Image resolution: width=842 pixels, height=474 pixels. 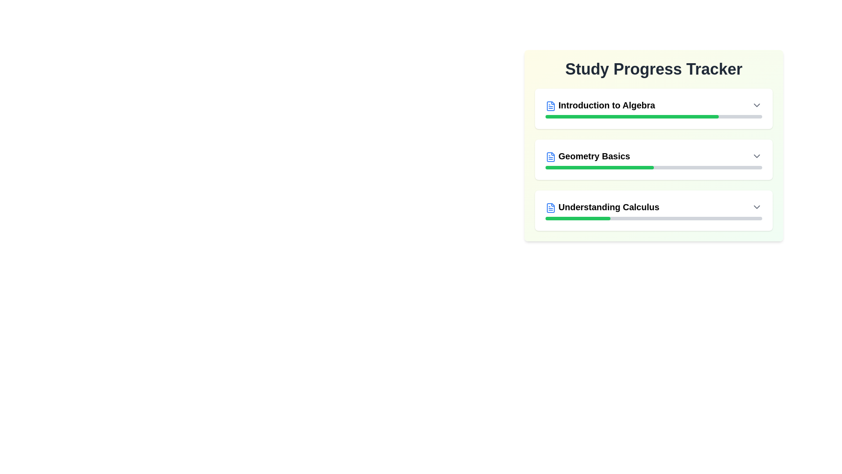 What do you see at coordinates (550, 156) in the screenshot?
I see `the graphical icon located to the left of the 'Geometry Basics' title in the 'Study Progress Tracker' section, specifically the second list item` at bounding box center [550, 156].